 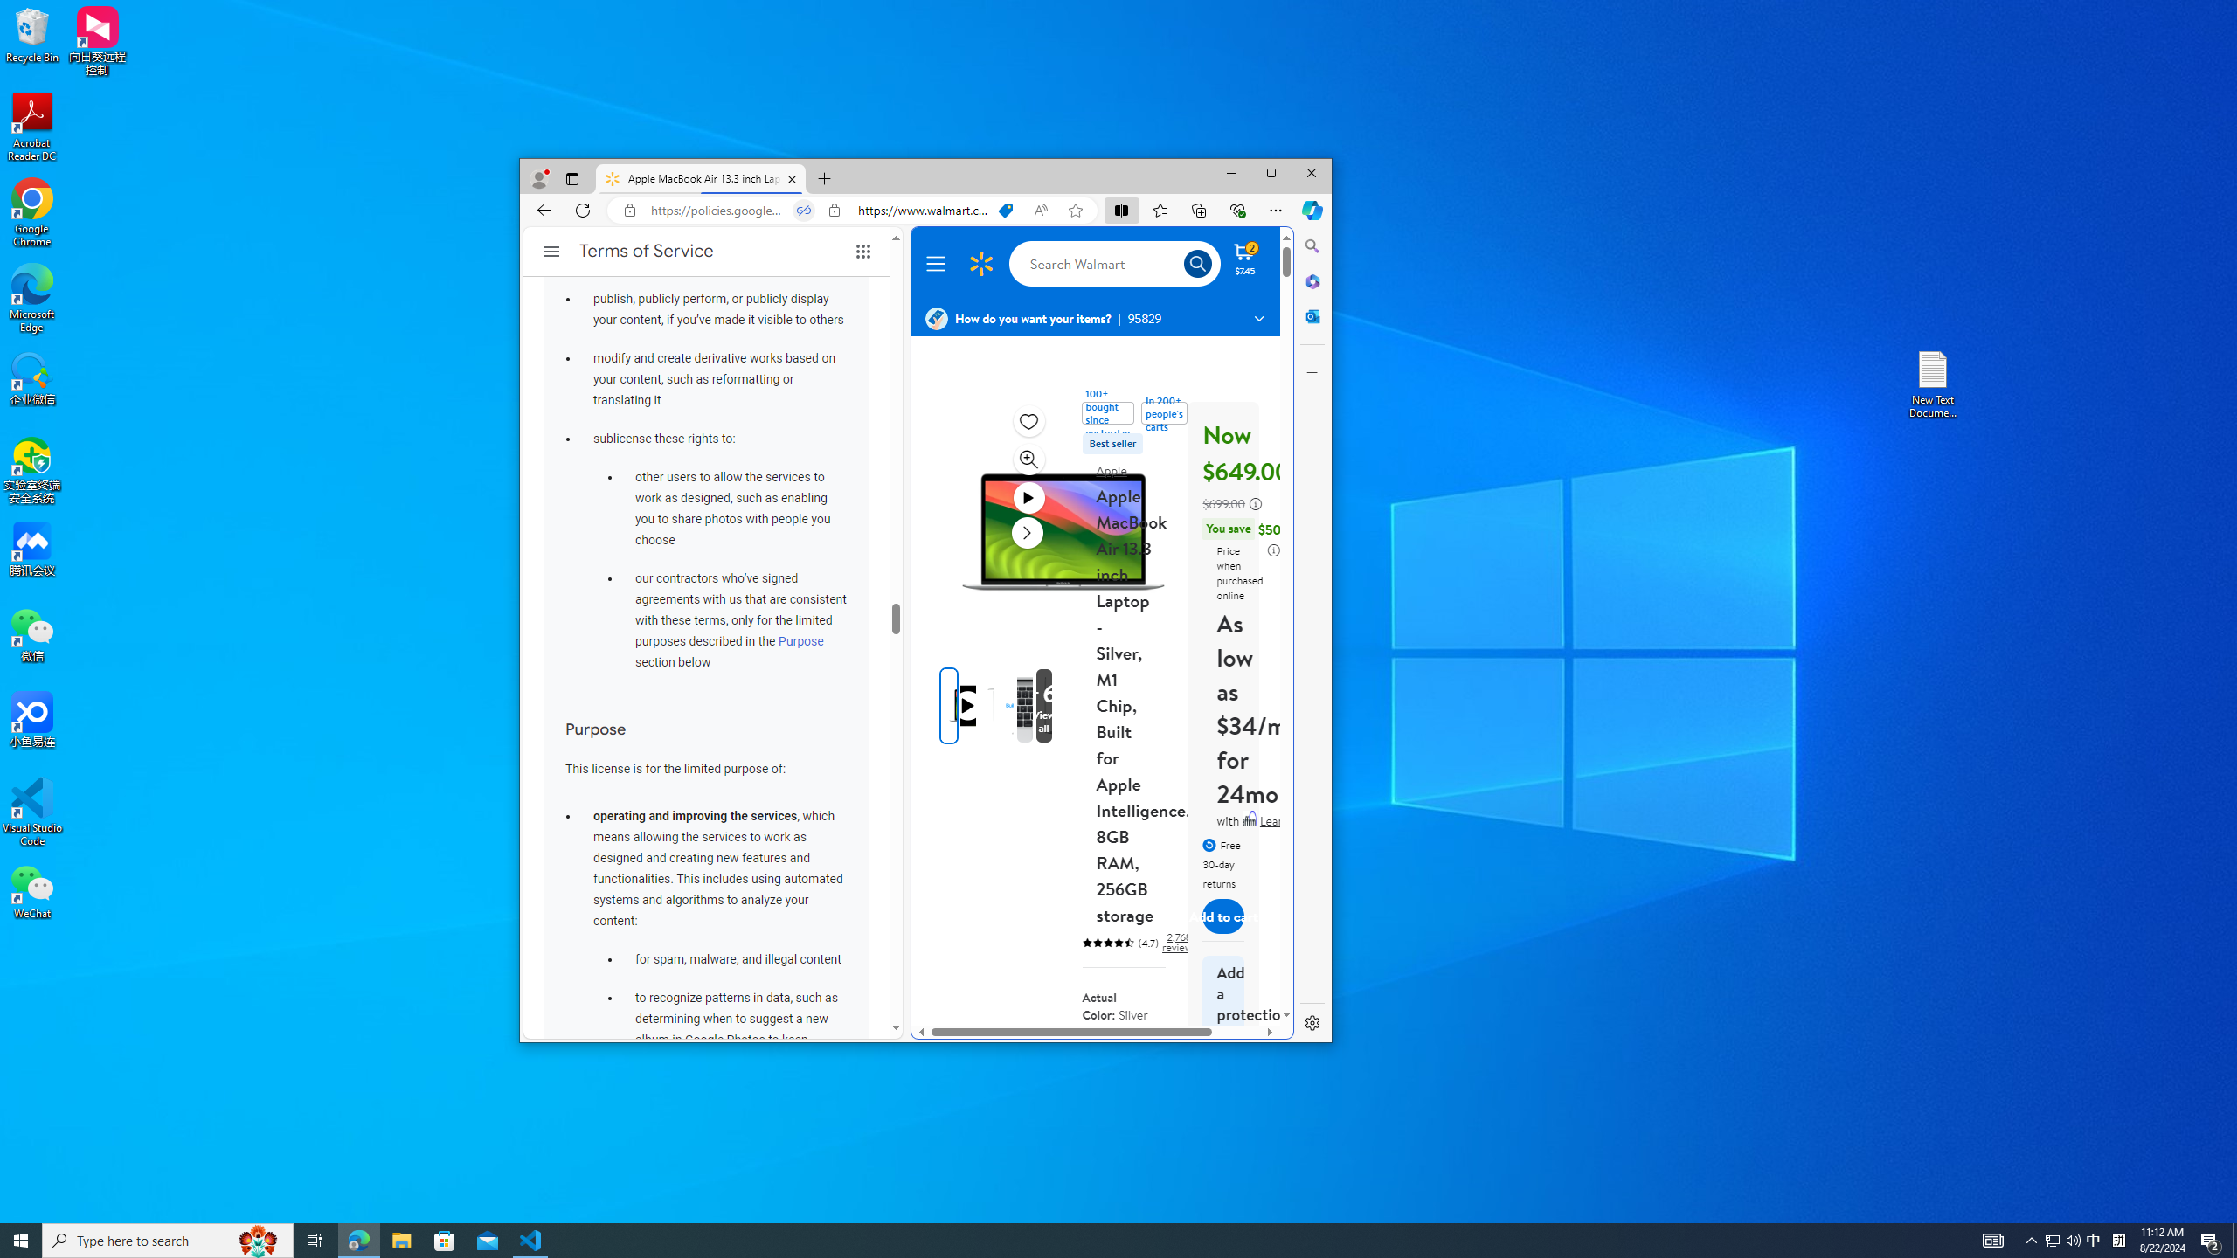 What do you see at coordinates (1243, 257) in the screenshot?
I see `'Cart contains 2 items Total Amount $7.45'` at bounding box center [1243, 257].